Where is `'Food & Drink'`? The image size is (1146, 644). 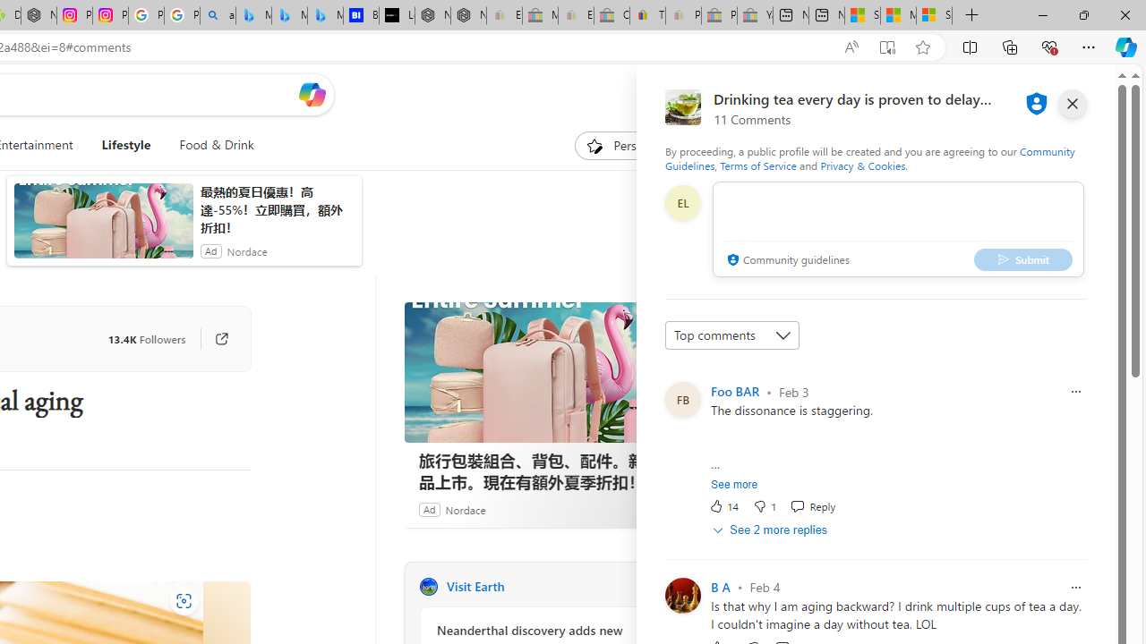 'Food & Drink' is located at coordinates (210, 145).